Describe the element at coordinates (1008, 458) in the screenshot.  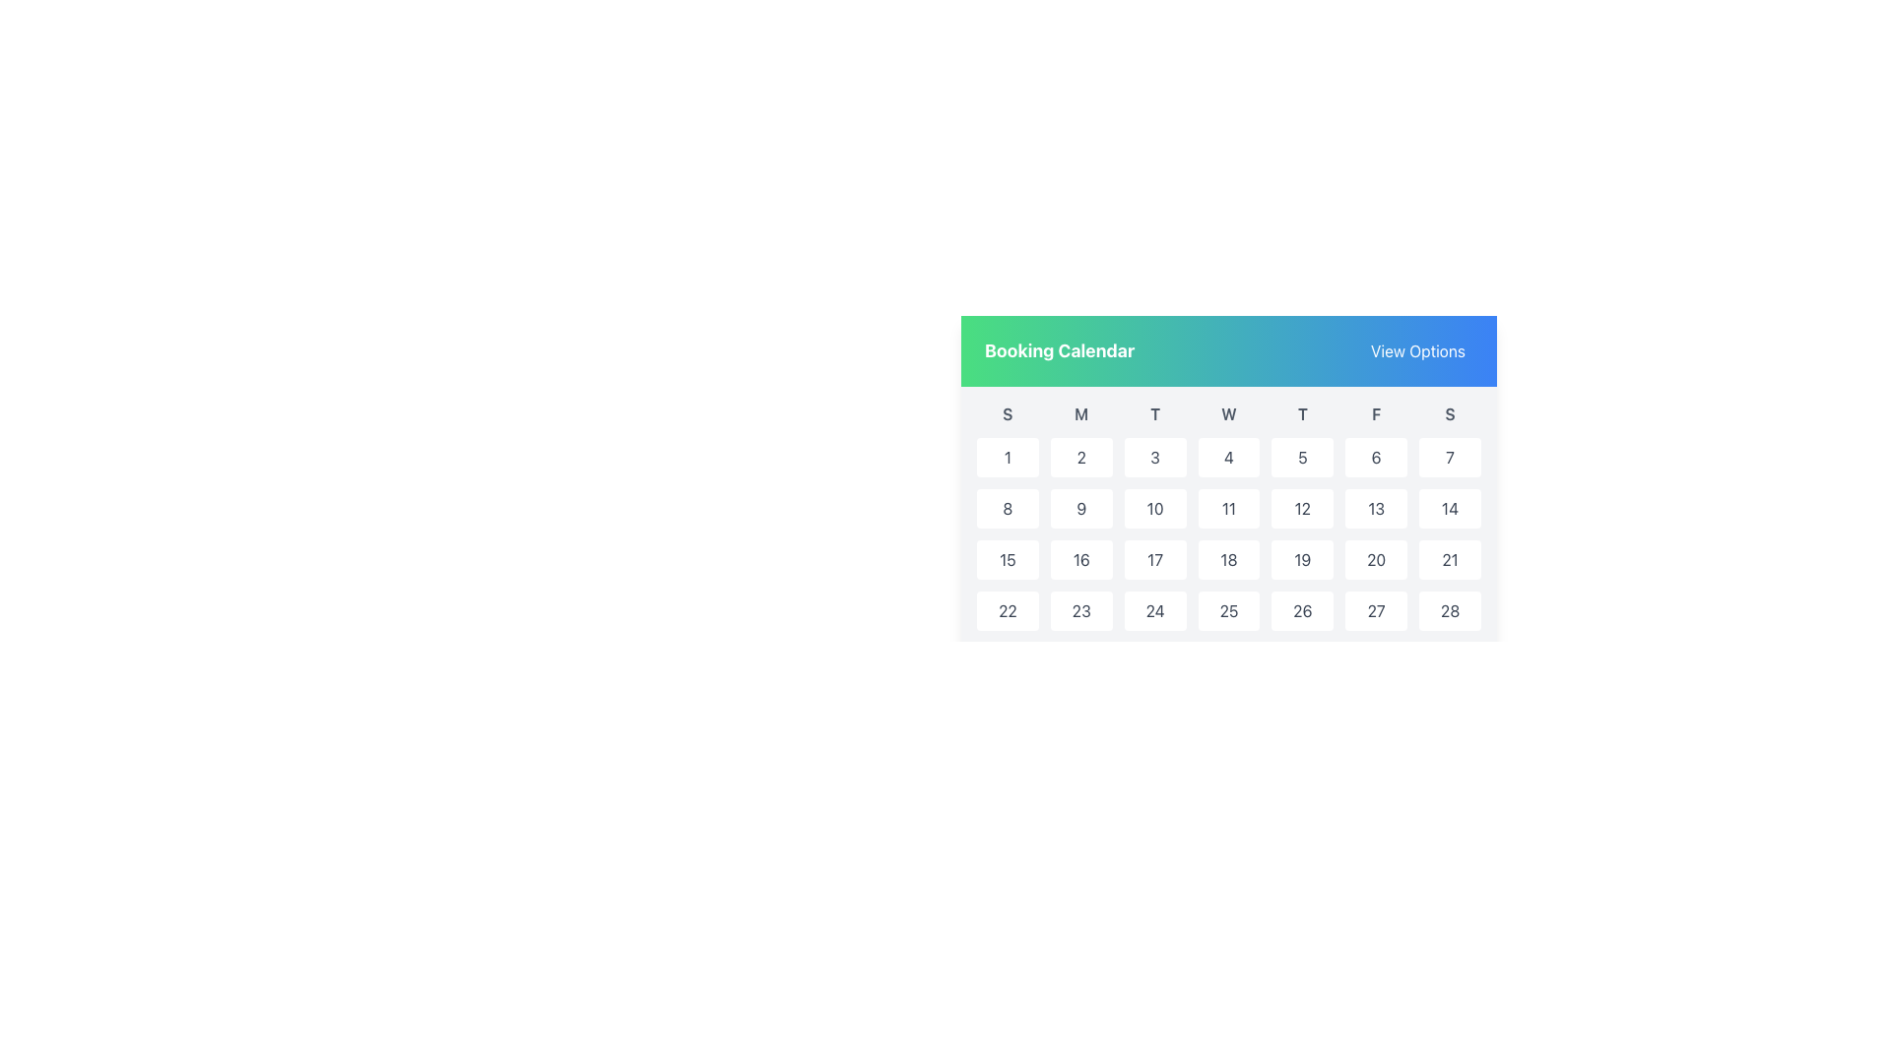
I see `the text label displaying the number '1' within the Sunday column of the calendar to possibly reveal additional details` at that location.